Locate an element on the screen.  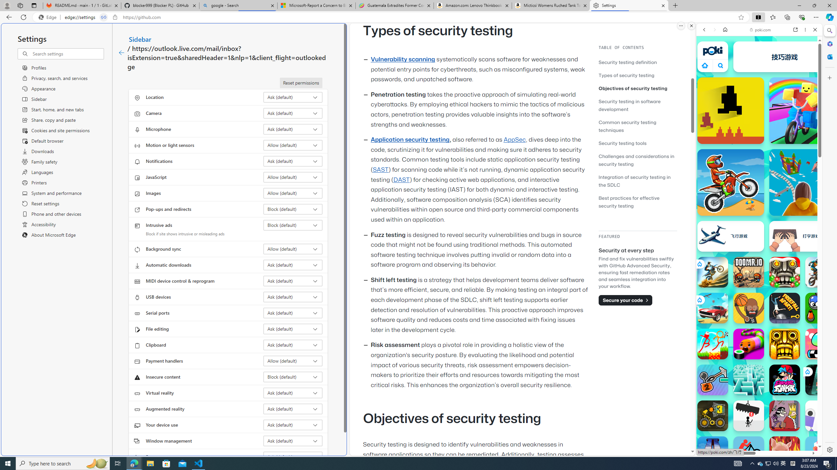
'Two Player Games' is located at coordinates (759, 185).